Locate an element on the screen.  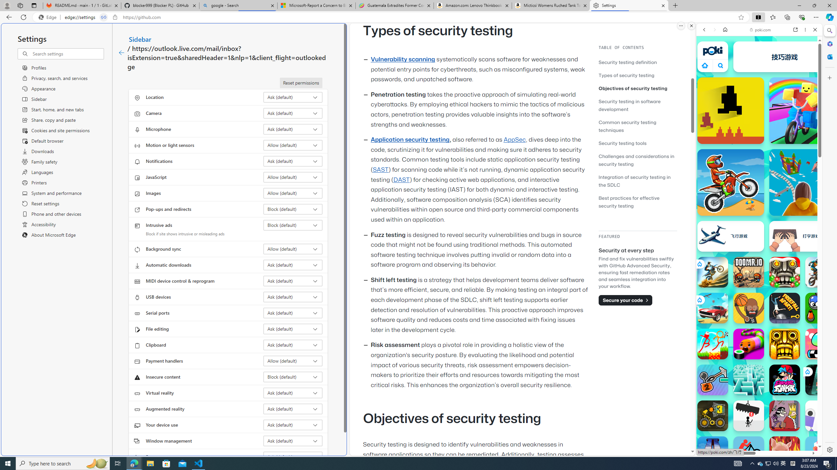
'Two Player Games' is located at coordinates (759, 185).